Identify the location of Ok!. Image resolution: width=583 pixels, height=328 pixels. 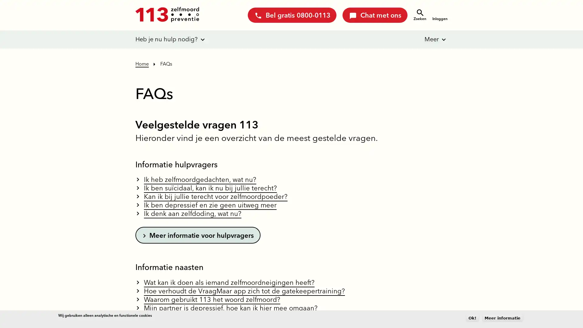
(472, 318).